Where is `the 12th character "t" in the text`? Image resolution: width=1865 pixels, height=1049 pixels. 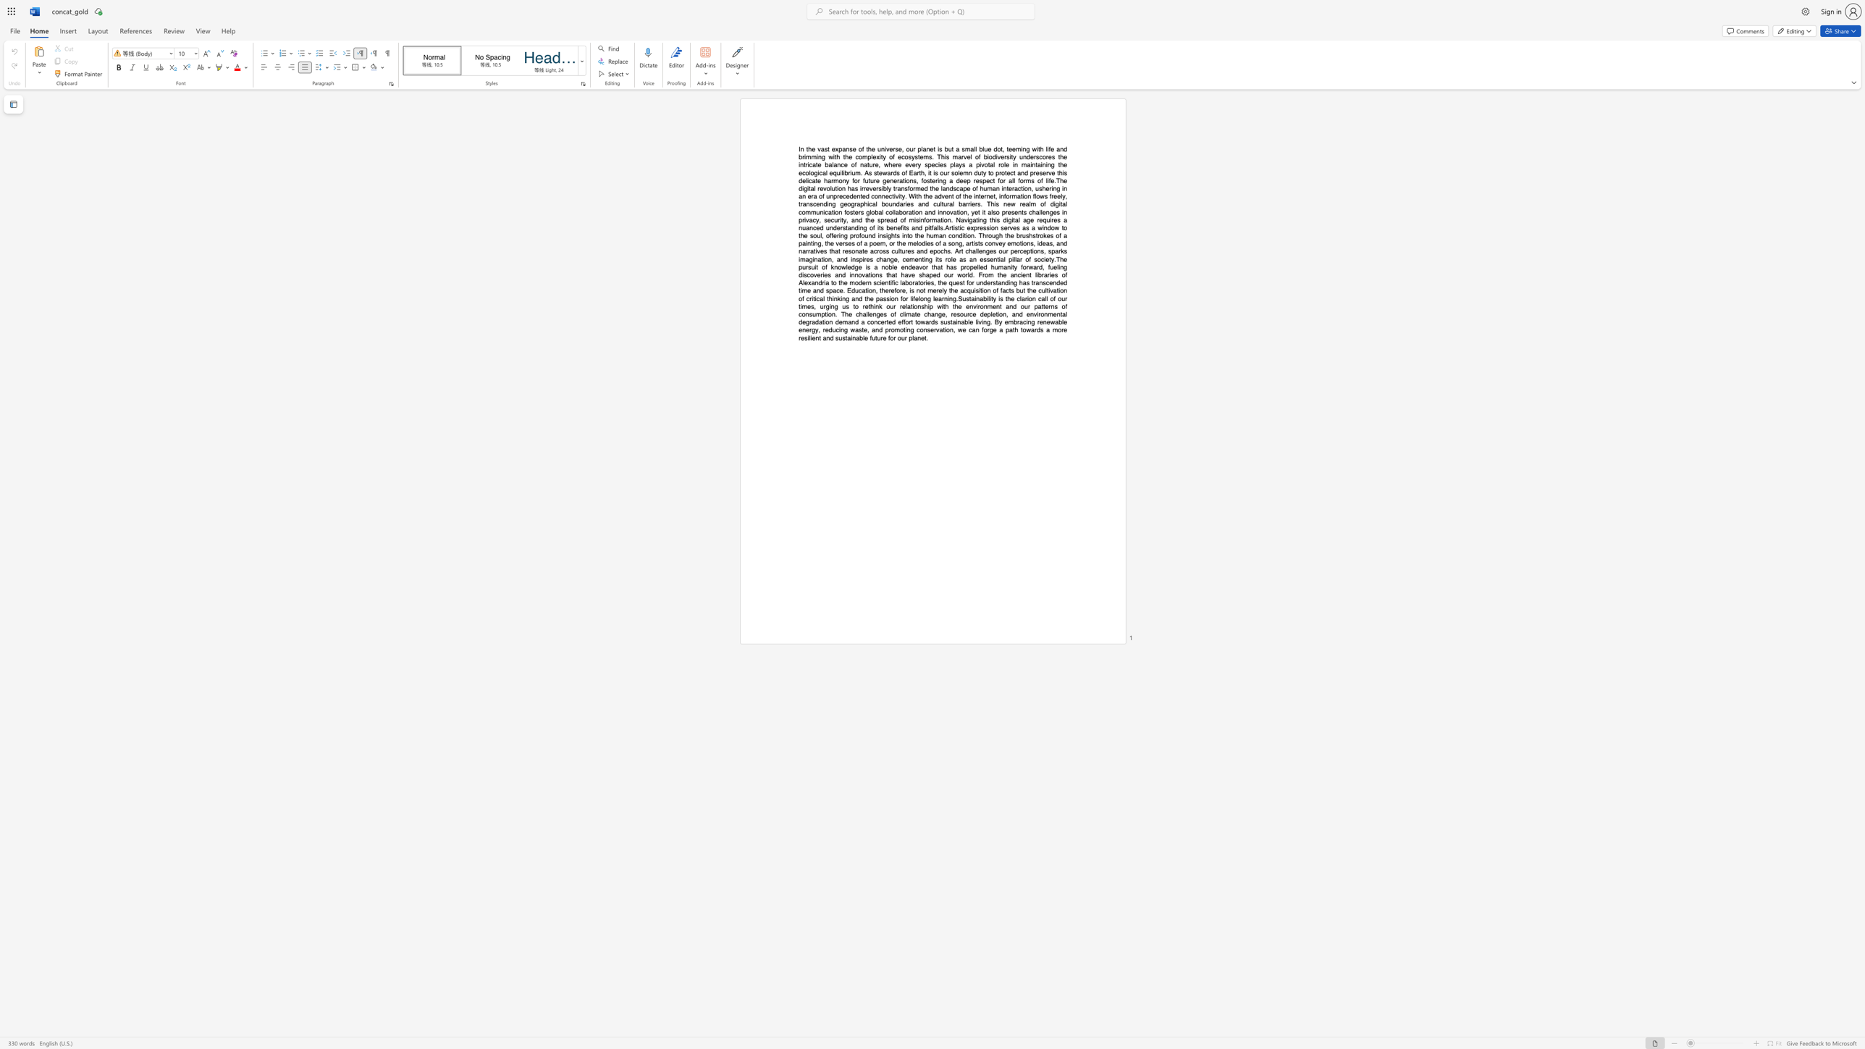
the 12th character "t" in the text is located at coordinates (953, 196).